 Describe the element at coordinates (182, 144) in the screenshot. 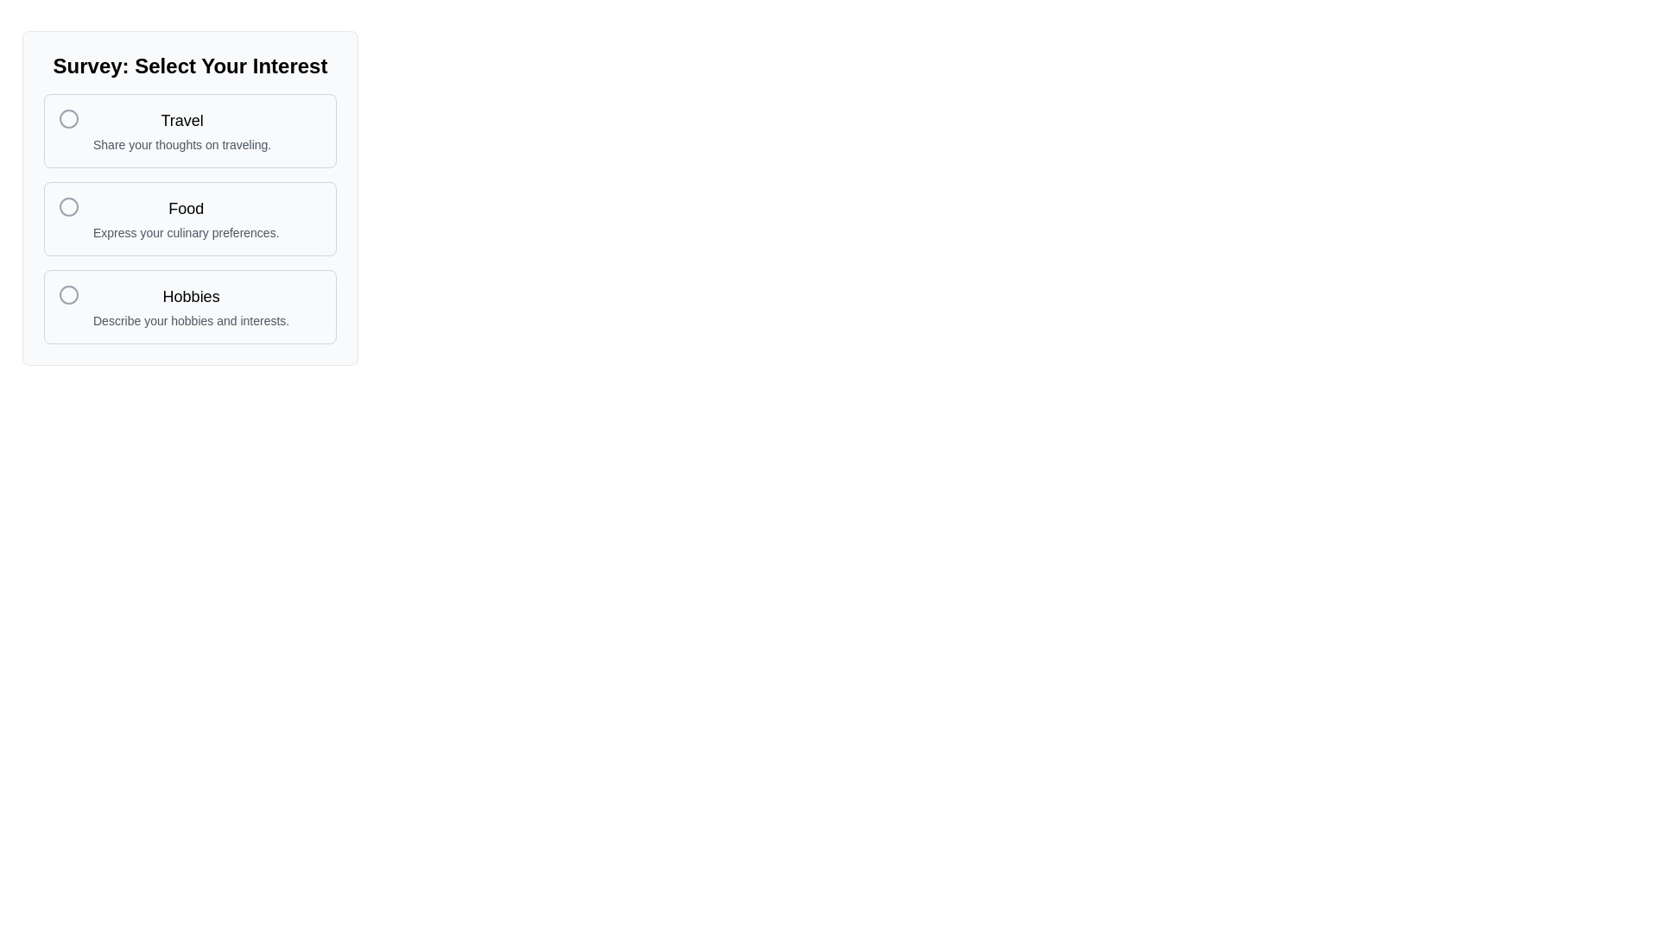

I see `the text element displaying 'Share your thoughts on traveling.' which is located below the header 'Travel' in the vertical list of survey options` at that location.